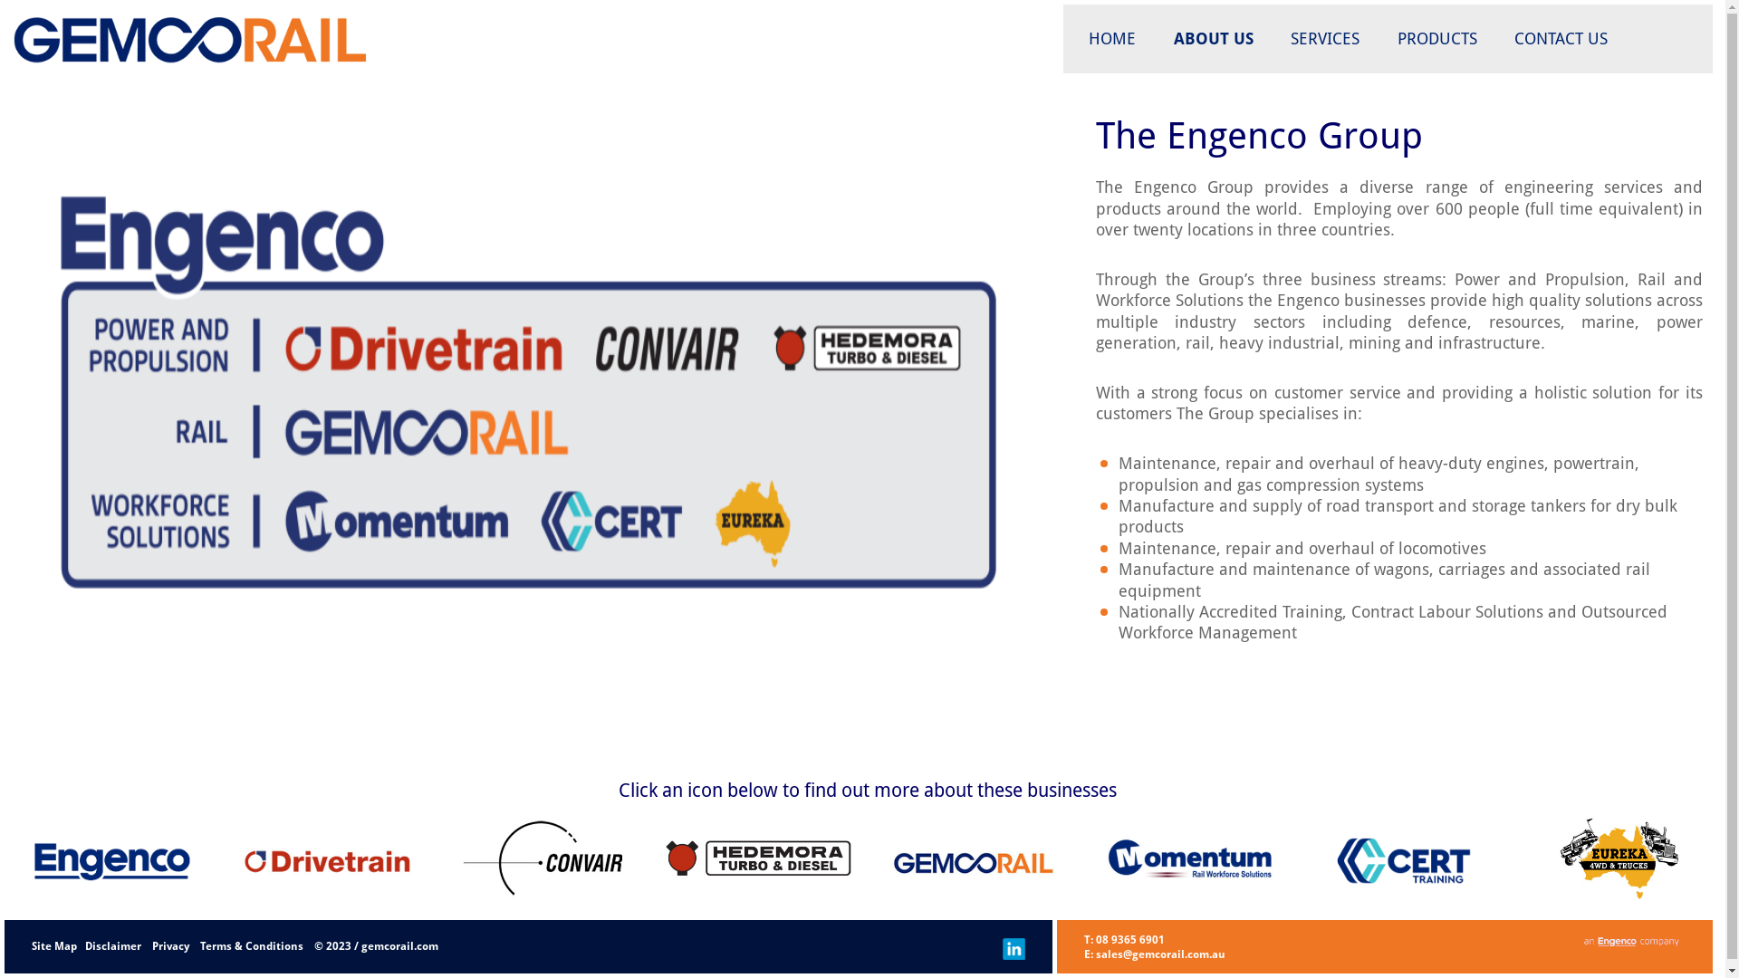 The height and width of the screenshot is (978, 1739). I want to click on 'CONTACT US', so click(1503, 38).